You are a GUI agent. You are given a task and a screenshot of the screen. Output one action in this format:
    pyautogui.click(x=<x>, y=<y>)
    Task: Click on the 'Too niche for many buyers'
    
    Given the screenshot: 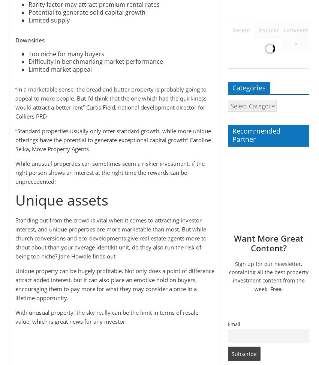 What is the action you would take?
    pyautogui.click(x=28, y=54)
    